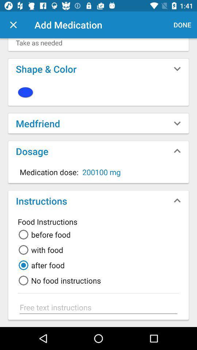 This screenshot has width=197, height=350. Describe the element at coordinates (98, 307) in the screenshot. I see `text for instructions not listed above` at that location.